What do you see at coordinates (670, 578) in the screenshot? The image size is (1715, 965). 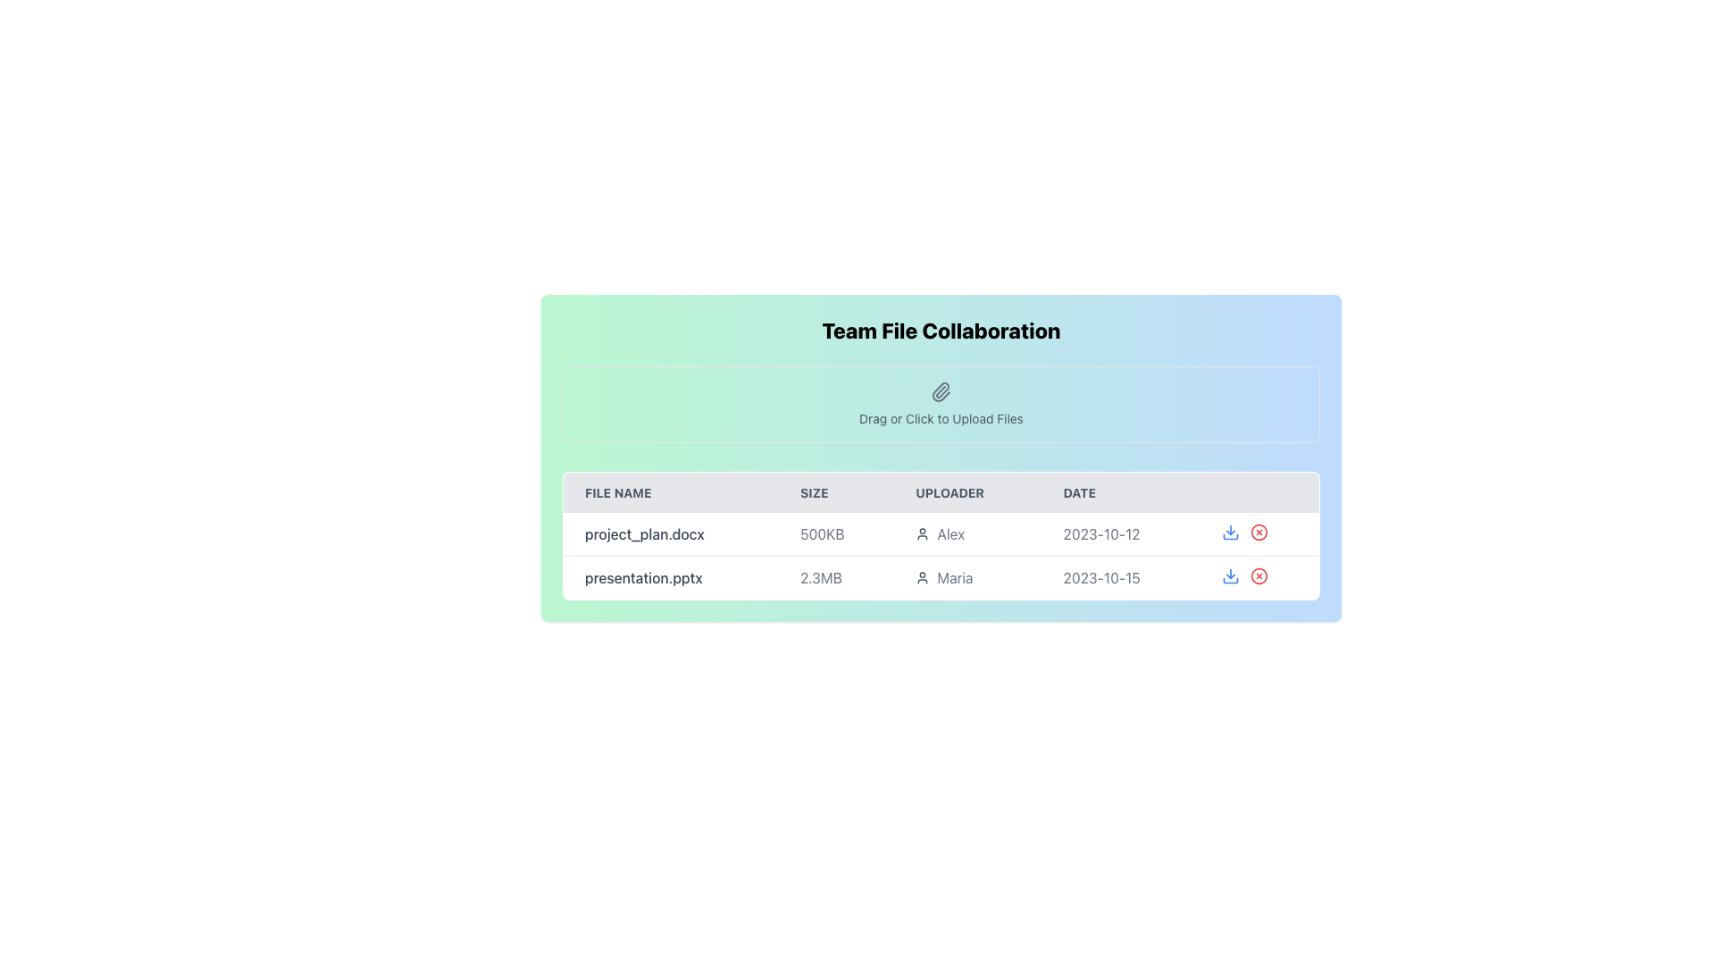 I see `the text label displaying 'presentation.pptx' located in the second row of the table under the 'FILE NAME' column, despite its non-interactive nature` at bounding box center [670, 578].